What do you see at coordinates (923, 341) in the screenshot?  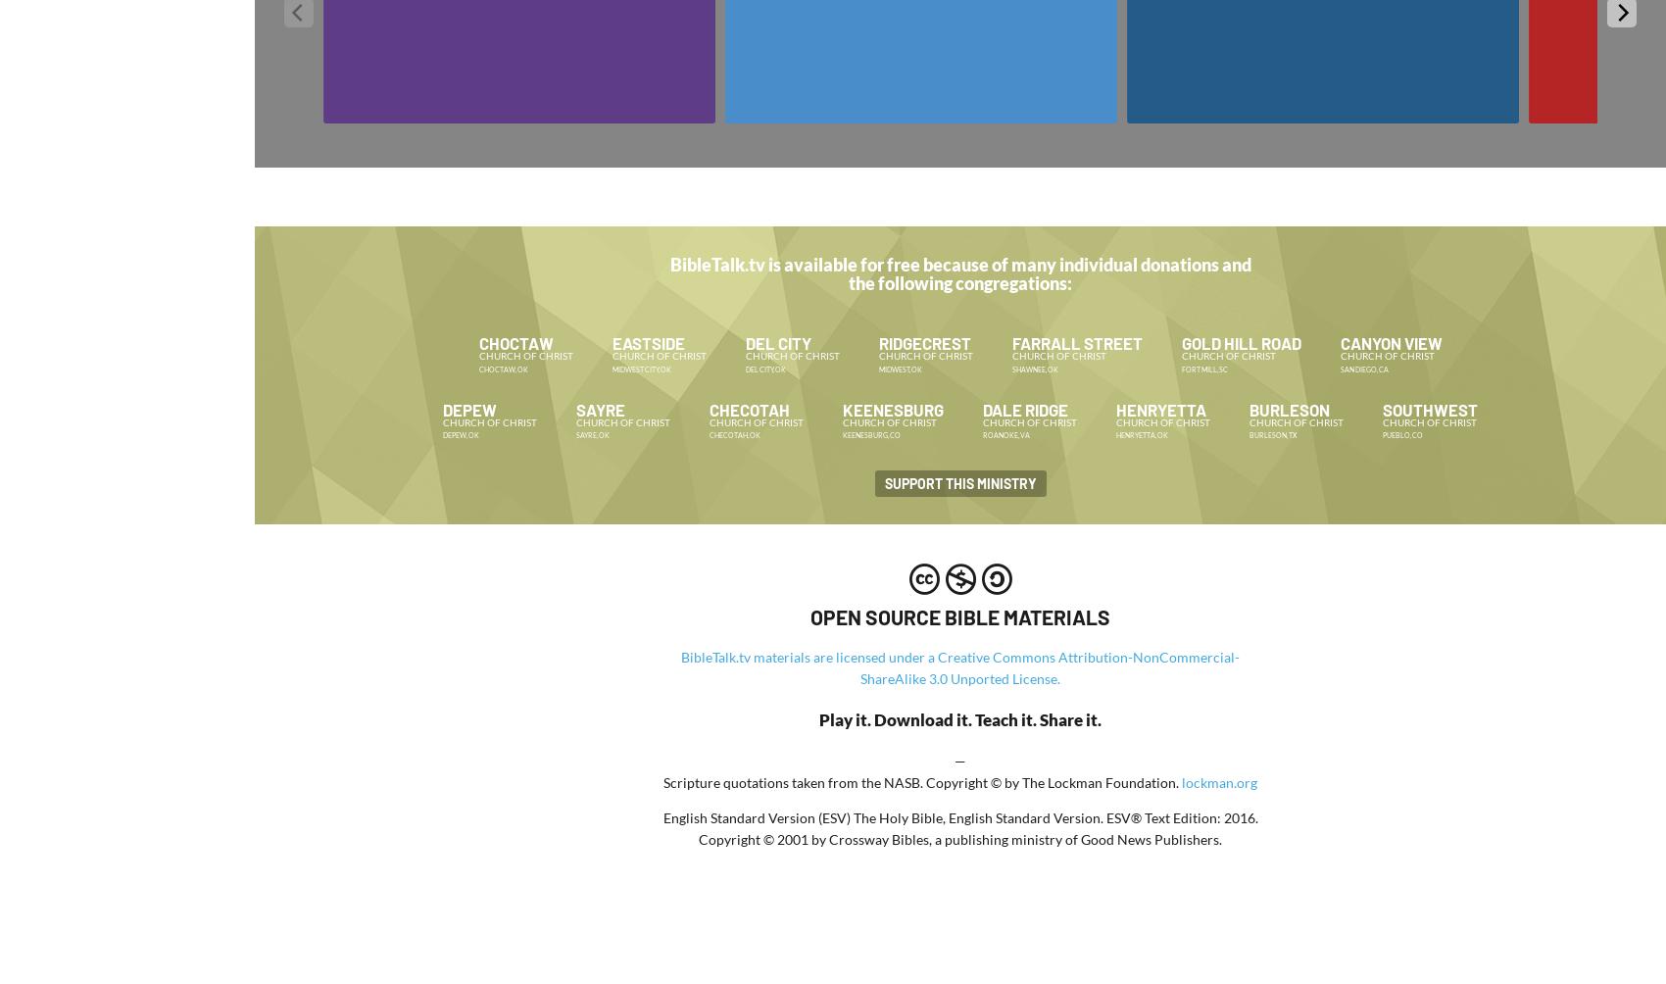 I see `'Ridgecrest'` at bounding box center [923, 341].